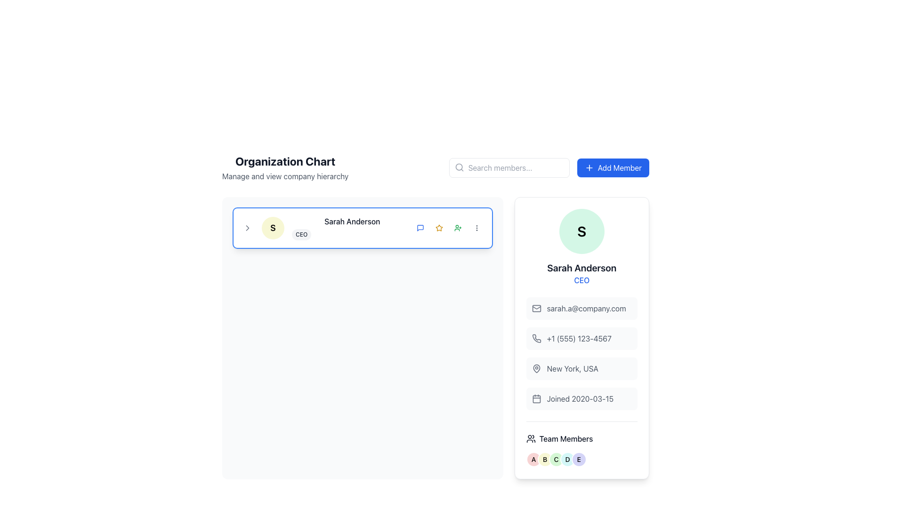 This screenshot has height=508, width=904. I want to click on the second badge in the horizontal series of five, which visually represents a team member's initial or identifier, located in the 'Team Members' section near the bottom-right corner of the interface, so click(545, 459).